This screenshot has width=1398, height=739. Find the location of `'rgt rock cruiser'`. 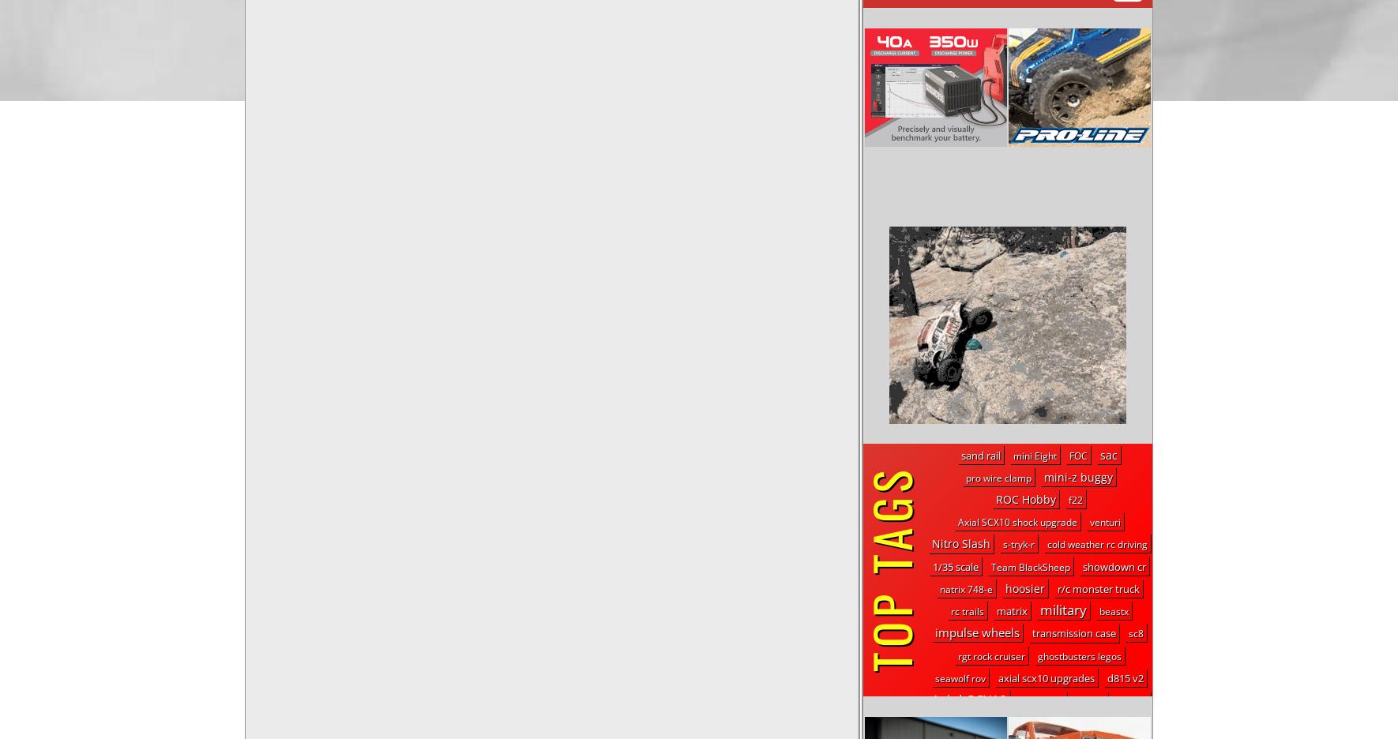

'rgt rock cruiser' is located at coordinates (990, 655).